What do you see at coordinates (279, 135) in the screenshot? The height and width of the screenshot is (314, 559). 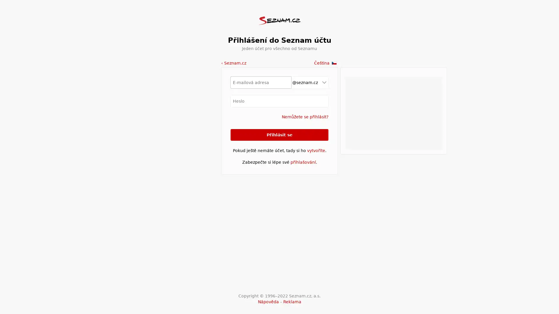 I see `Prihlasit se` at bounding box center [279, 135].